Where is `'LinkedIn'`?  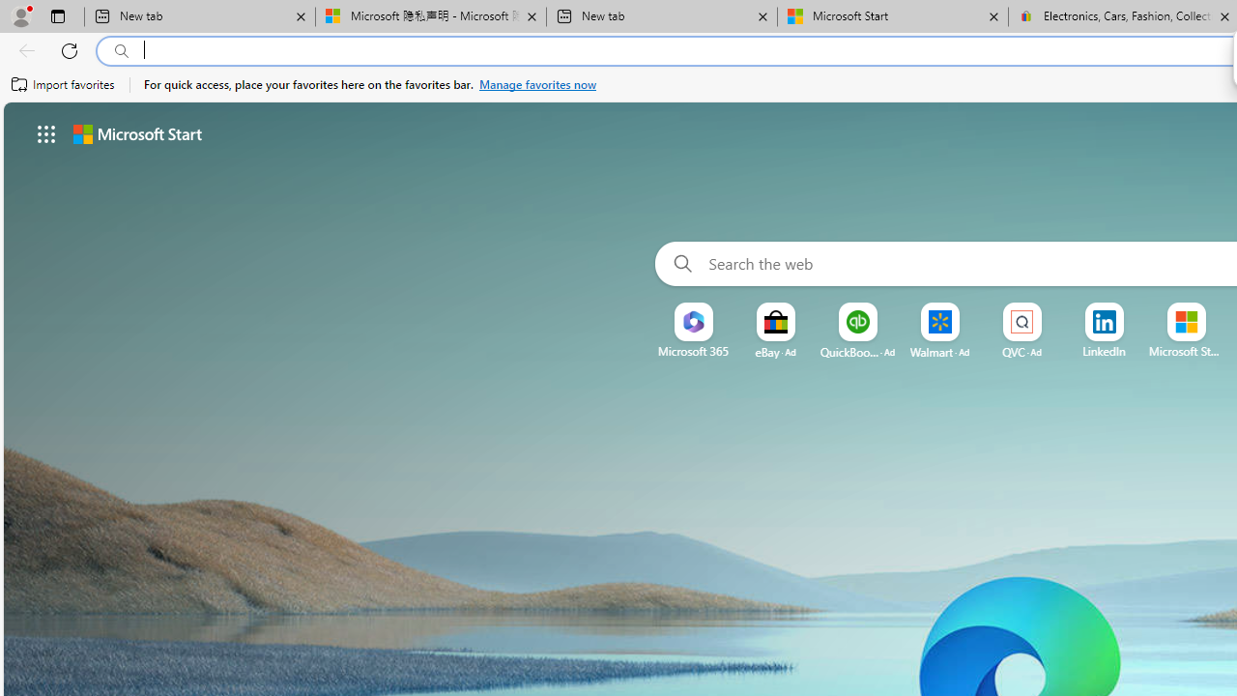
'LinkedIn' is located at coordinates (1104, 351).